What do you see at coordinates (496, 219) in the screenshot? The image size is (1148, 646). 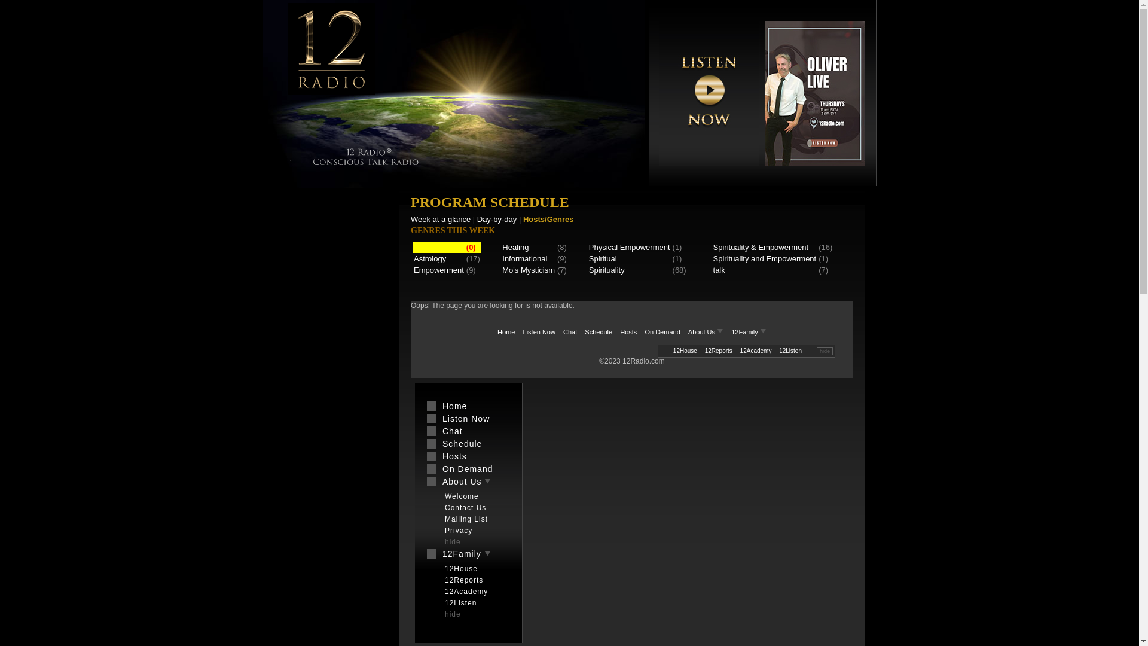 I see `'Day-by-day'` at bounding box center [496, 219].